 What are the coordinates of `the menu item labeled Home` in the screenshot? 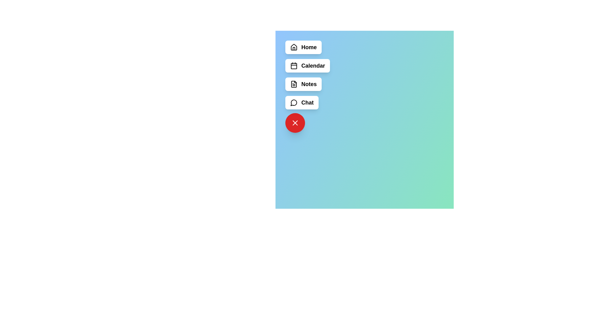 It's located at (303, 47).